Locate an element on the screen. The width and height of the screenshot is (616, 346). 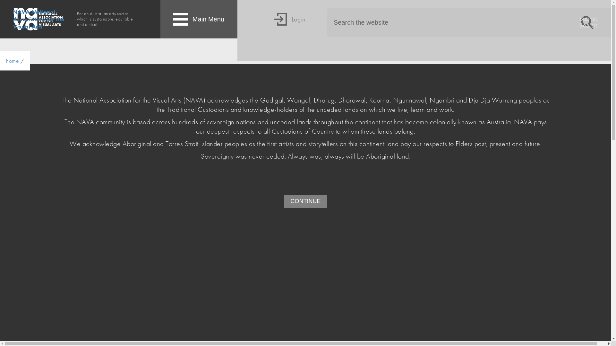
'home' is located at coordinates (12, 61).